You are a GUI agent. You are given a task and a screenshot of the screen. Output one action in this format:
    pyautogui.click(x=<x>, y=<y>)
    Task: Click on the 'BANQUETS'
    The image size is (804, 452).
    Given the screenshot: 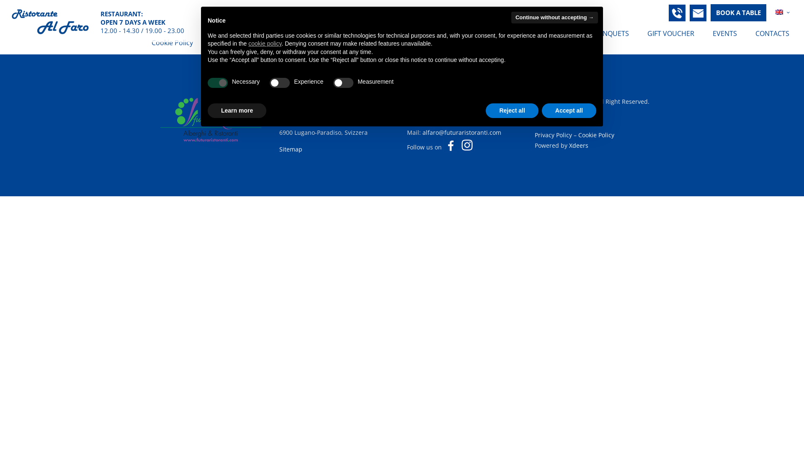 What is the action you would take?
    pyautogui.click(x=611, y=33)
    